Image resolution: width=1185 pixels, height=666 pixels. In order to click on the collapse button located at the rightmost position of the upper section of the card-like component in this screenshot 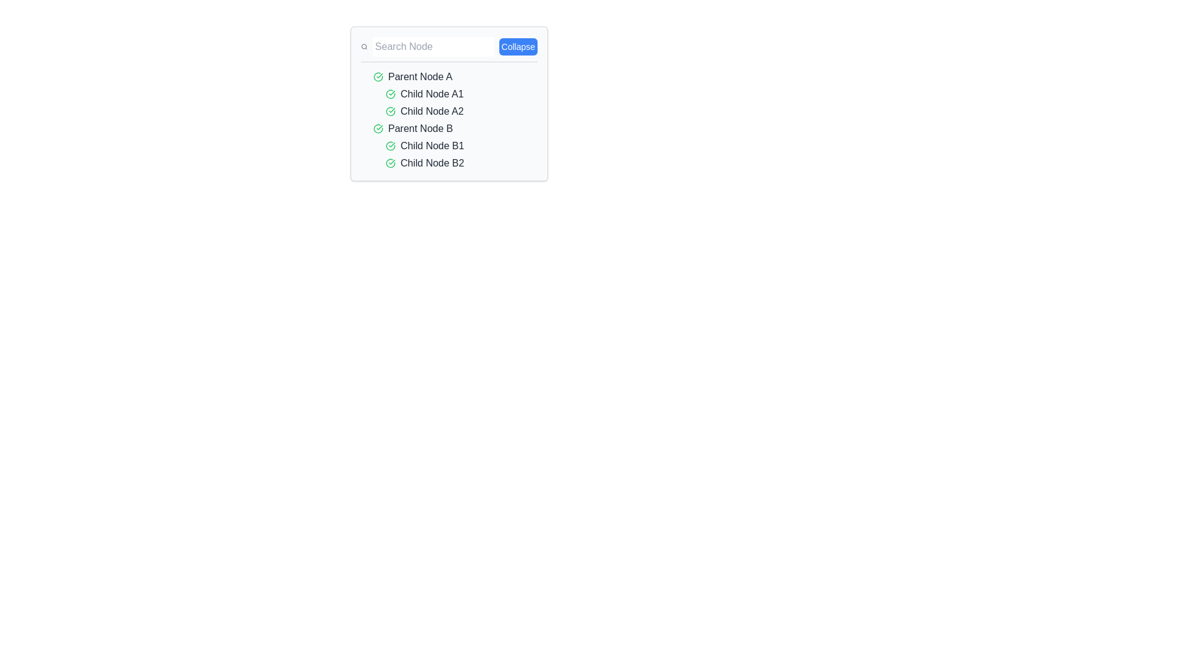, I will do `click(449, 49)`.